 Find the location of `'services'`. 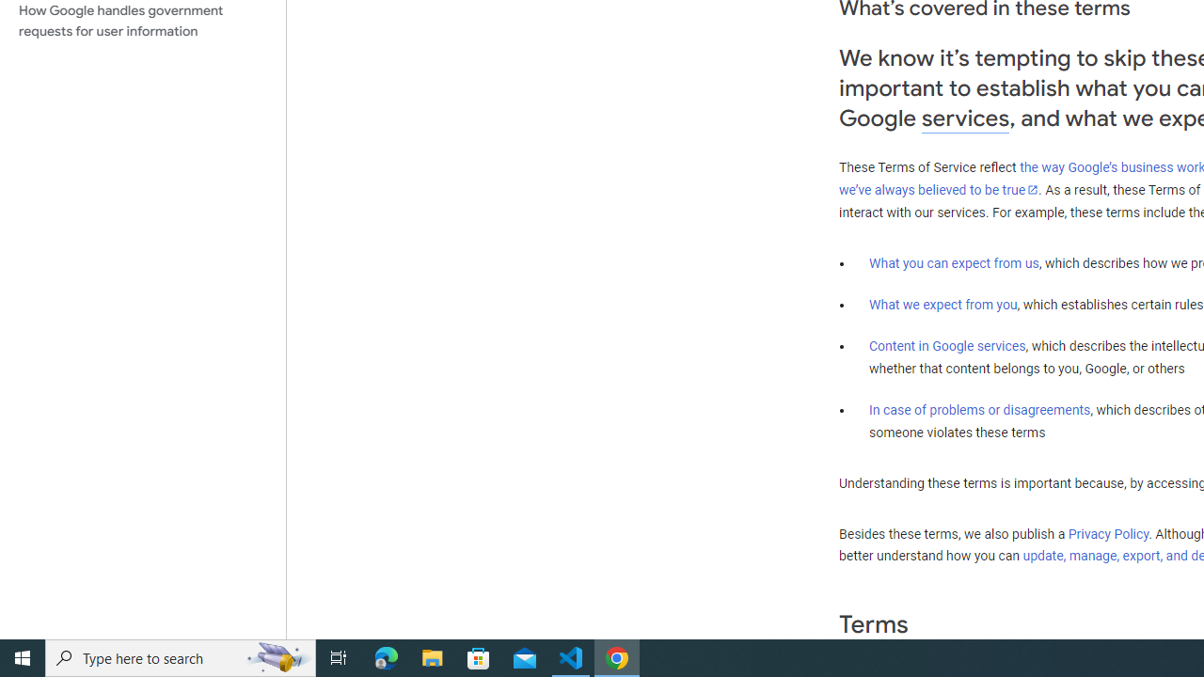

'services' is located at coordinates (965, 118).